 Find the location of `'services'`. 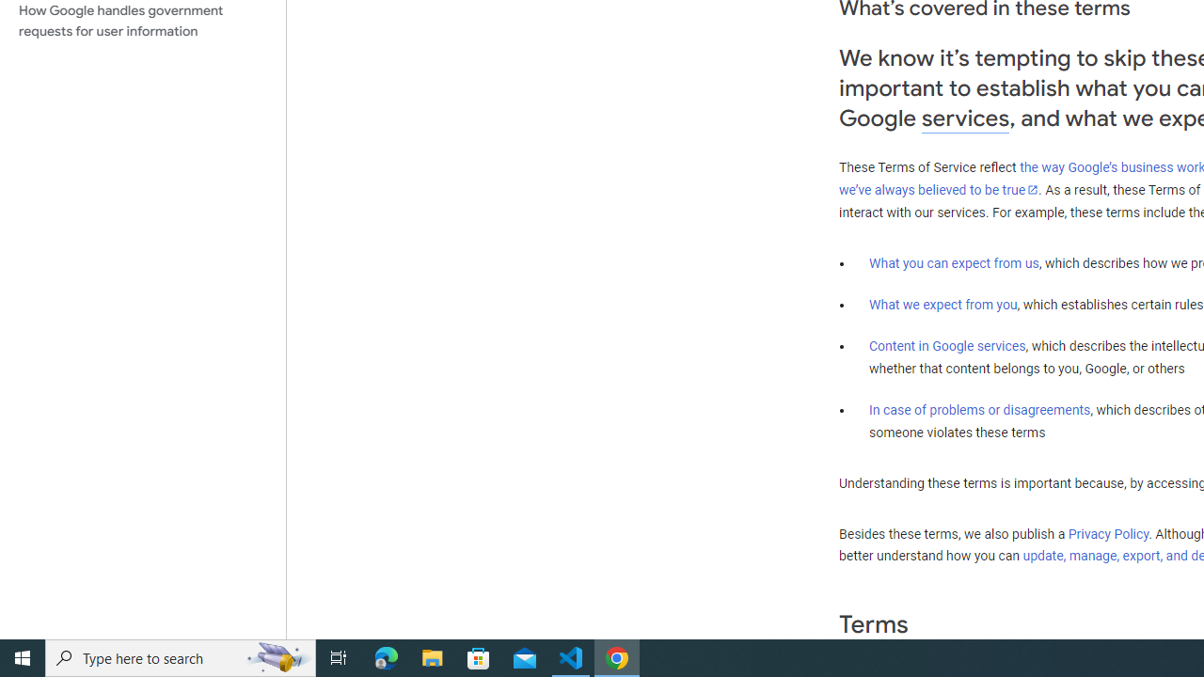

'services' is located at coordinates (965, 118).